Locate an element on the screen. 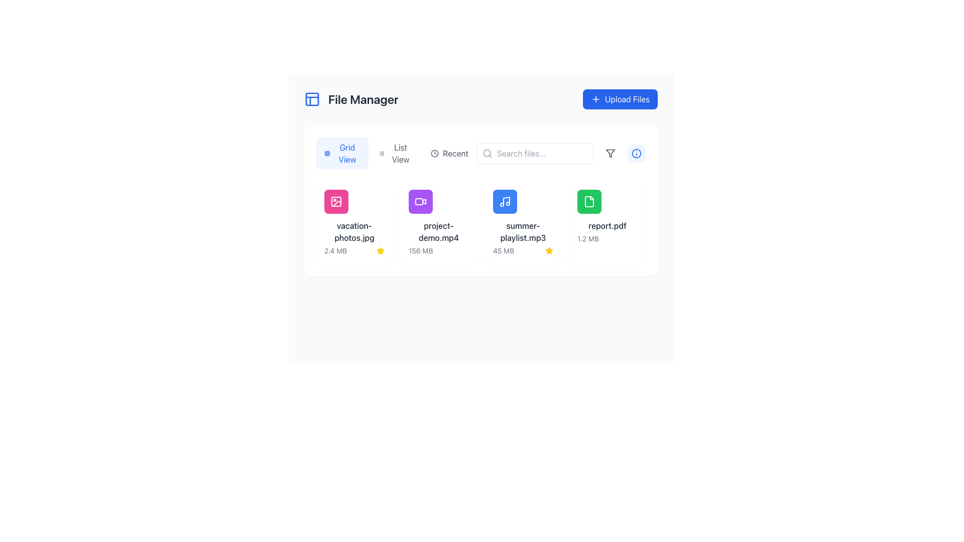  the delete button icon for the file 'summer-playlist.mp3' is located at coordinates (544, 249).